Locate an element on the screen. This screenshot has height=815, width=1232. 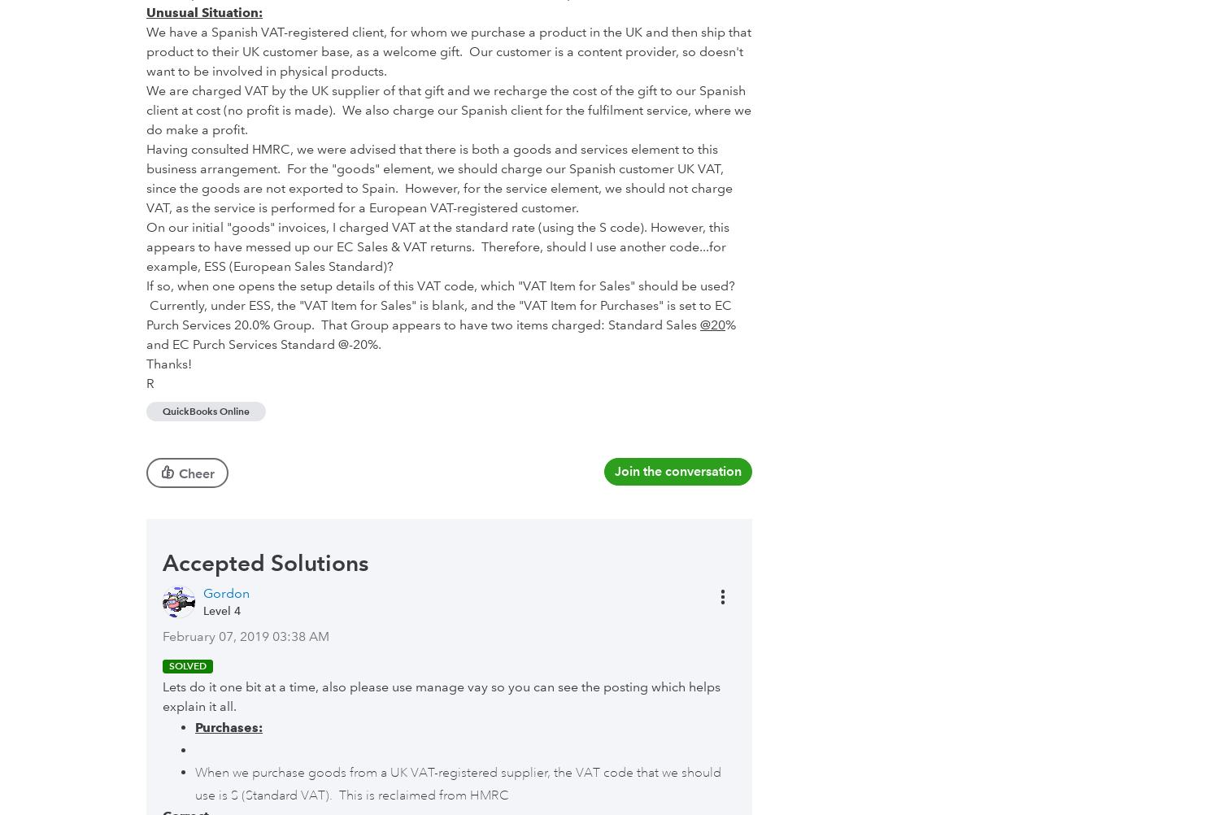
'Lets do it one bit at a time, also please use manage vay so you can see the posting which helps explain it all.' is located at coordinates (440, 696).